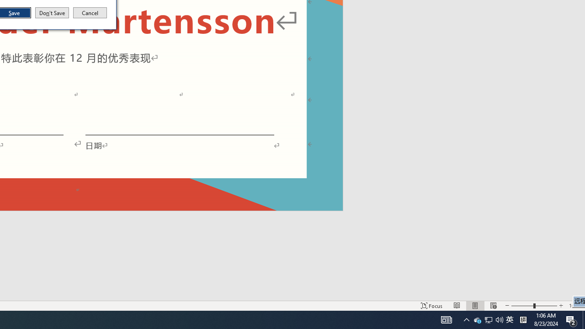 The width and height of the screenshot is (585, 329). I want to click on 'Zoom 104%', so click(574, 306).